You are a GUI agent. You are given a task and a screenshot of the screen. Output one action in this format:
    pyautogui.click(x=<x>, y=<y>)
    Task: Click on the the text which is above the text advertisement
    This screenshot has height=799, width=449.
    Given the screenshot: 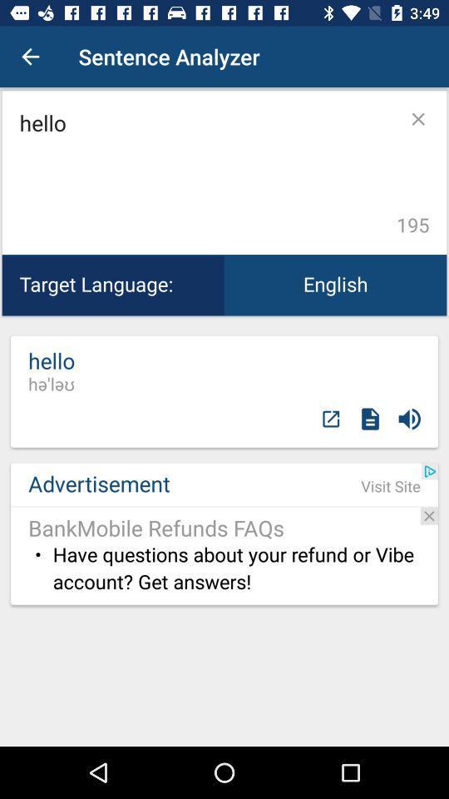 What is the action you would take?
    pyautogui.click(x=52, y=371)
    